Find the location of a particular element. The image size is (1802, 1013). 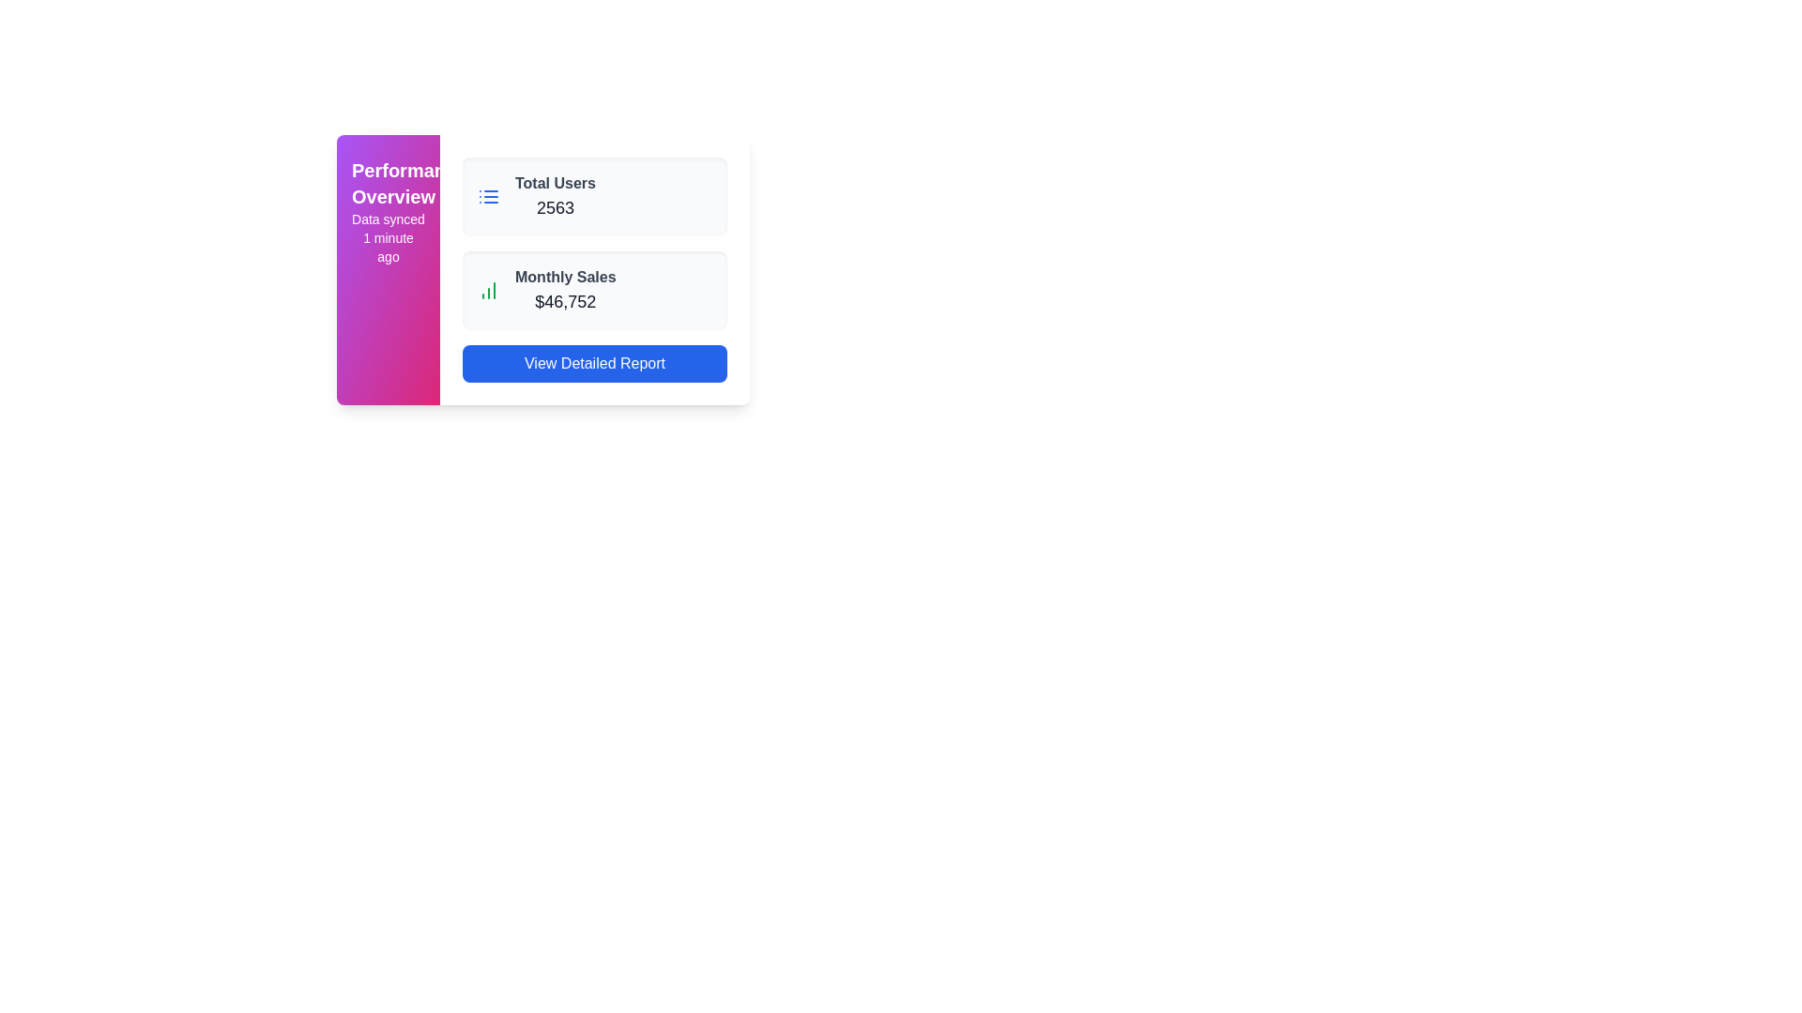

the 'Total Users' and 'Monthly Sales' cards in the Dashboard Widget that has a white background, located within the 'Performance Overview' panel is located at coordinates (593, 270).